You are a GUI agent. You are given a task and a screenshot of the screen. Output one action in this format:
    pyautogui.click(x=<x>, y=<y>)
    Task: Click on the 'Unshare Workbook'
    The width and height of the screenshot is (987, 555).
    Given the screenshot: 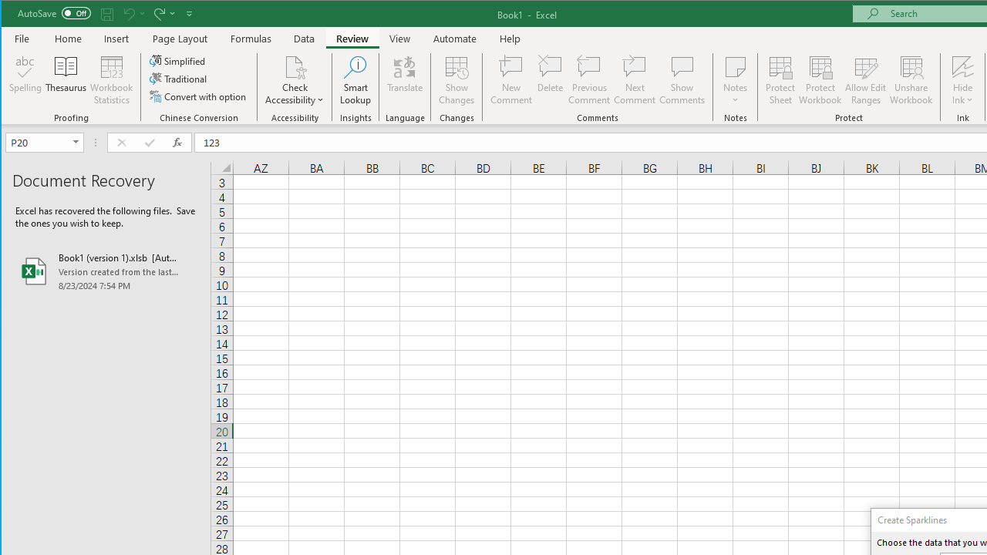 What is the action you would take?
    pyautogui.click(x=911, y=80)
    